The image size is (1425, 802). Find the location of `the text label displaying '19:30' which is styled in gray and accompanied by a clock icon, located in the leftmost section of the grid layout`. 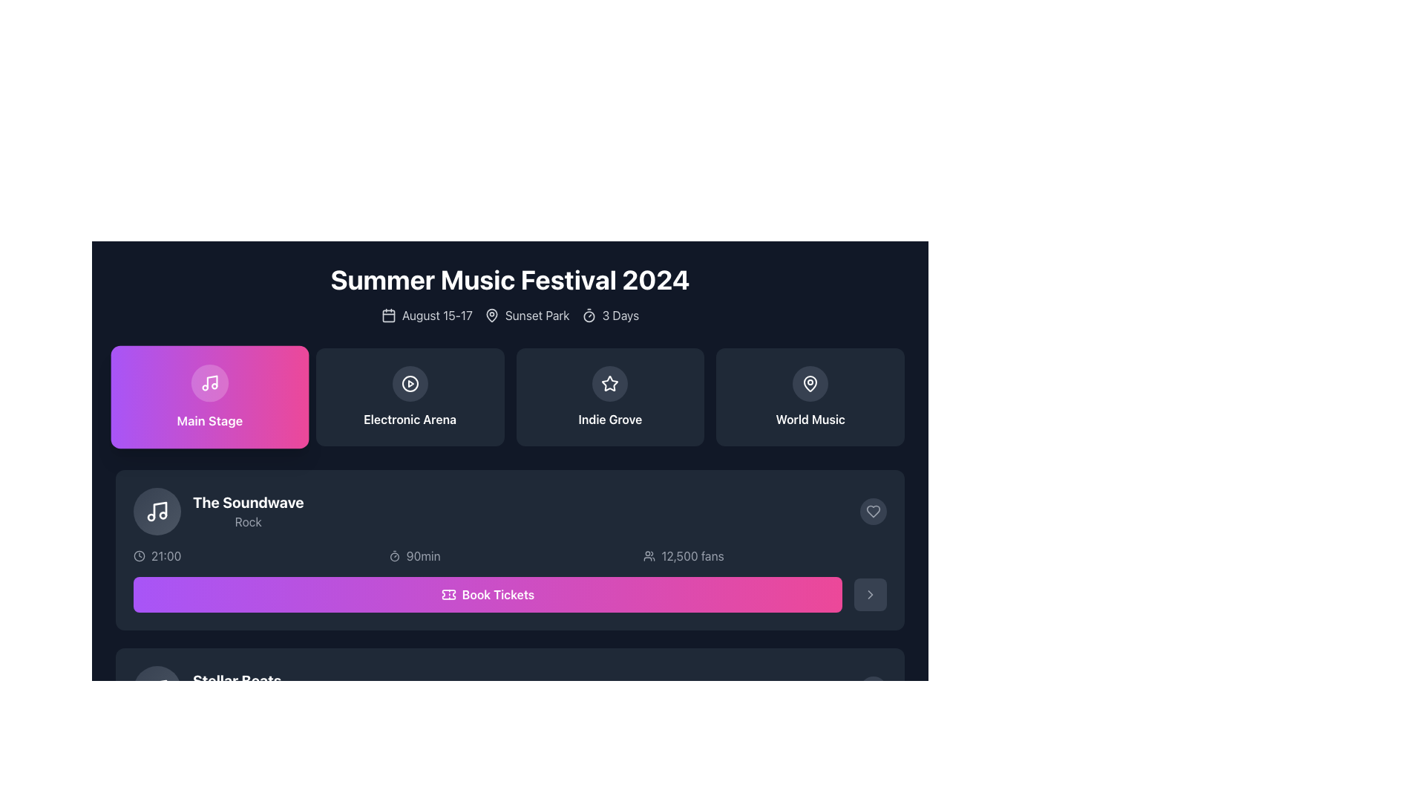

the text label displaying '19:30' which is styled in gray and accompanied by a clock icon, located in the leftmost section of the grid layout is located at coordinates (255, 733).